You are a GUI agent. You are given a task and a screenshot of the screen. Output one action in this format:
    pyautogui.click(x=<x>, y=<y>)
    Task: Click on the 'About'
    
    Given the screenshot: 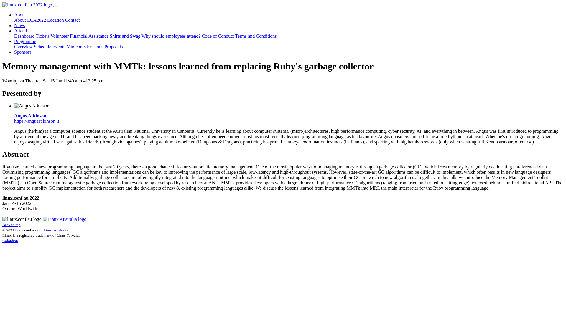 What is the action you would take?
    pyautogui.click(x=20, y=14)
    